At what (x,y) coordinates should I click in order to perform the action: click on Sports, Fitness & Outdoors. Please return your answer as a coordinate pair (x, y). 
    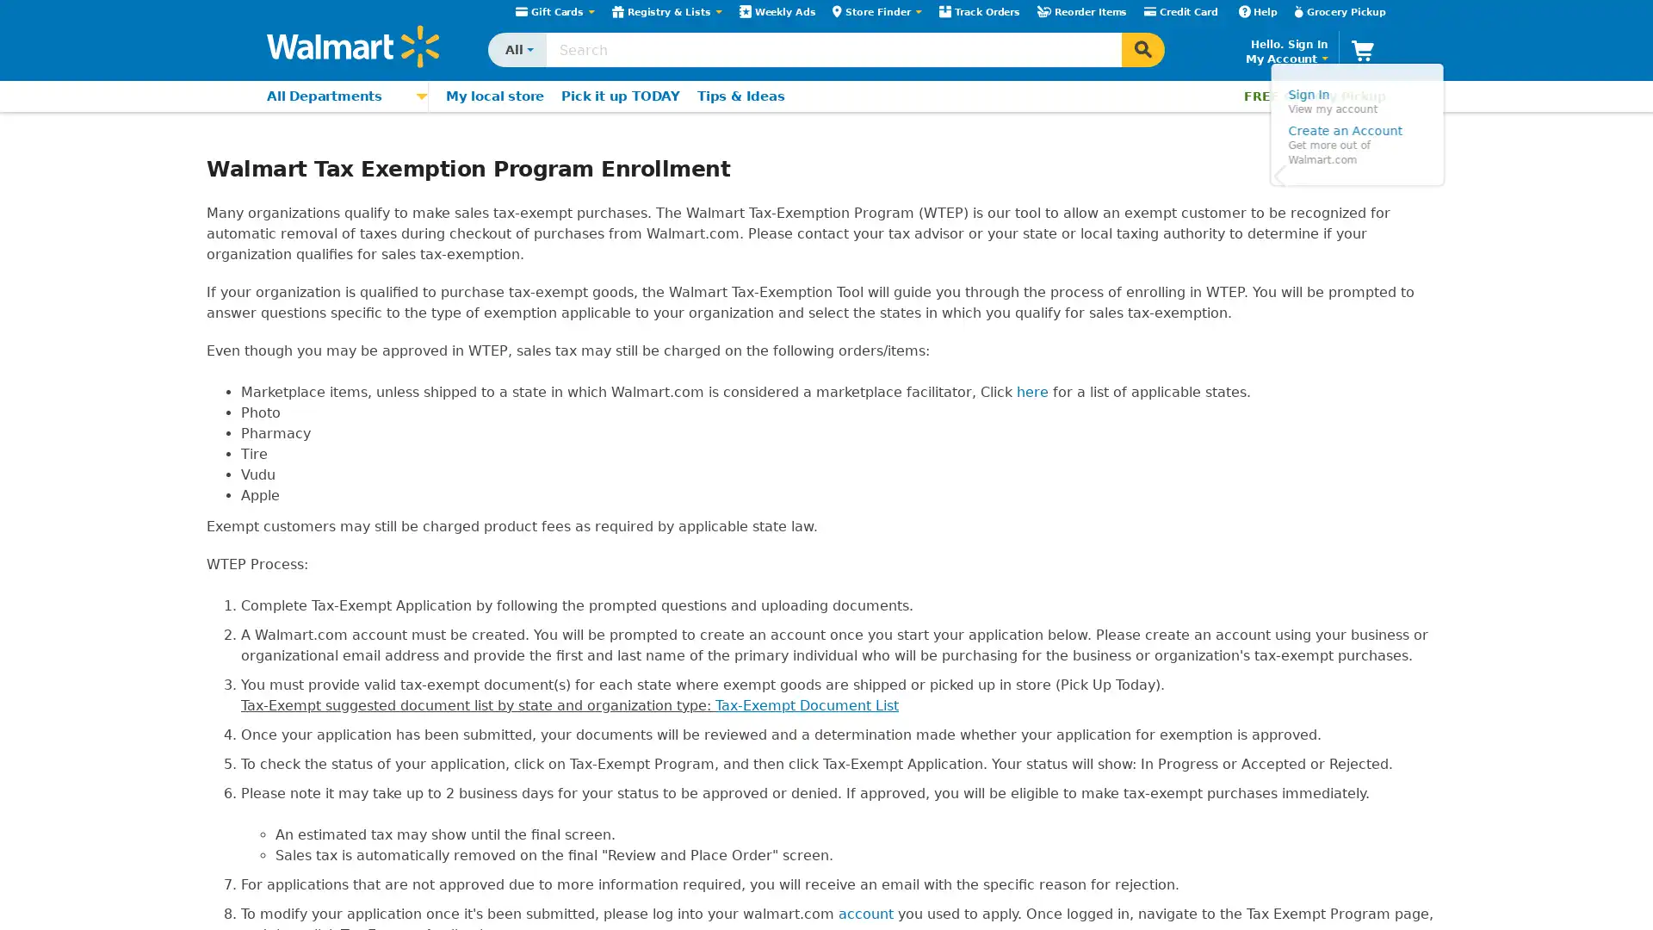
    Looking at the image, I should click on (334, 405).